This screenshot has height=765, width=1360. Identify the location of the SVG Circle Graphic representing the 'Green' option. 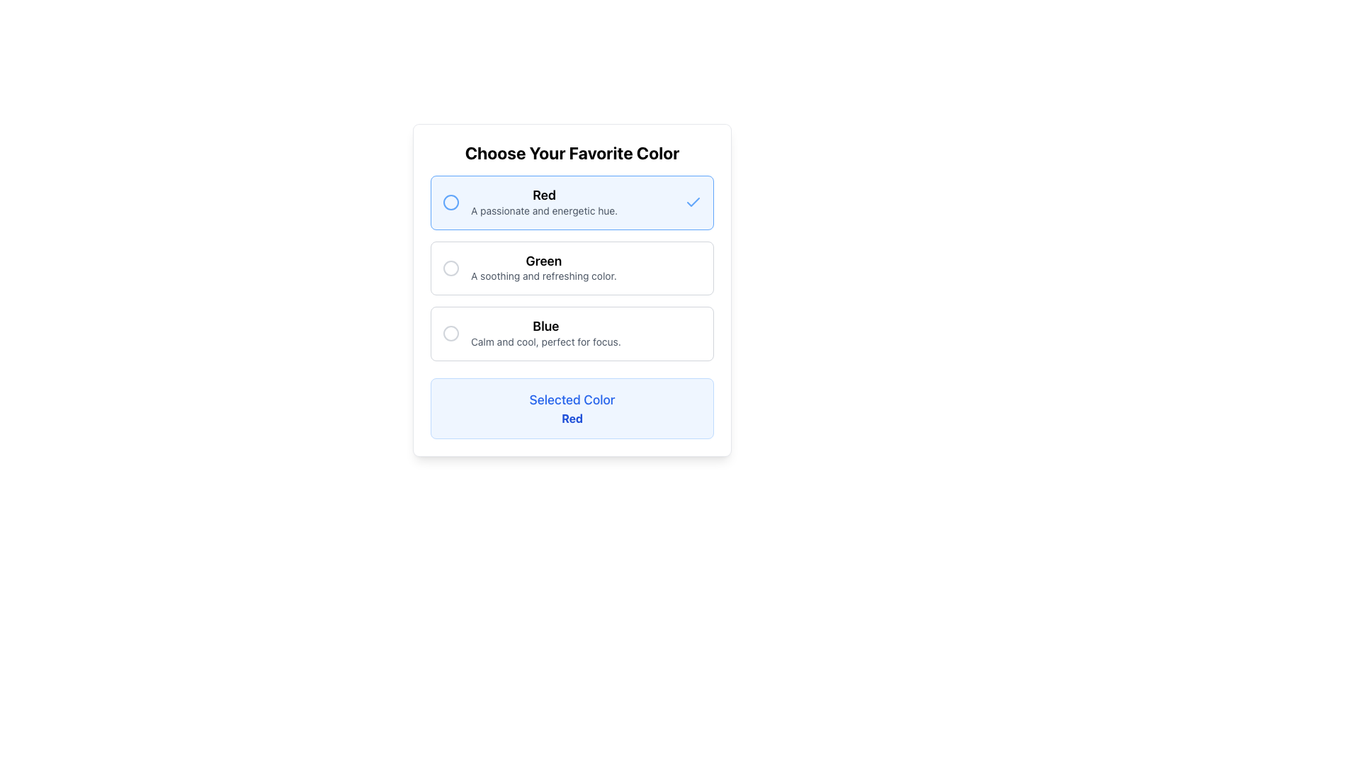
(450, 268).